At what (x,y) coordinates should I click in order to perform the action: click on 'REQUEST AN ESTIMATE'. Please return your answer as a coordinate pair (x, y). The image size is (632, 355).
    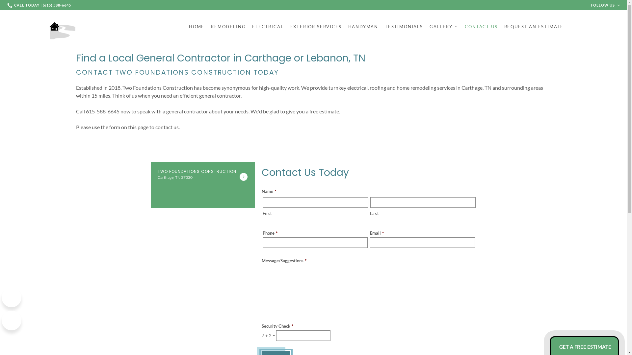
    Looking at the image, I should click on (534, 26).